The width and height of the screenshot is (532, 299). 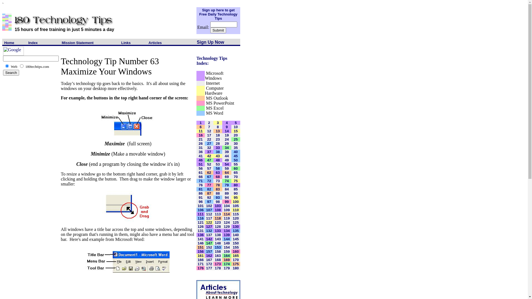 I want to click on '21', so click(x=200, y=139).